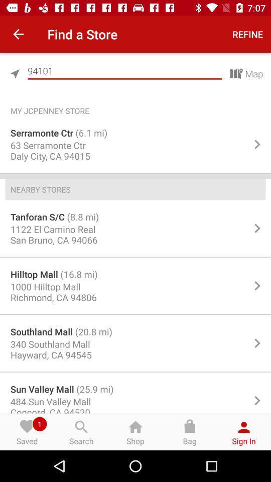 Image resolution: width=271 pixels, height=482 pixels. I want to click on refine, so click(247, 34).